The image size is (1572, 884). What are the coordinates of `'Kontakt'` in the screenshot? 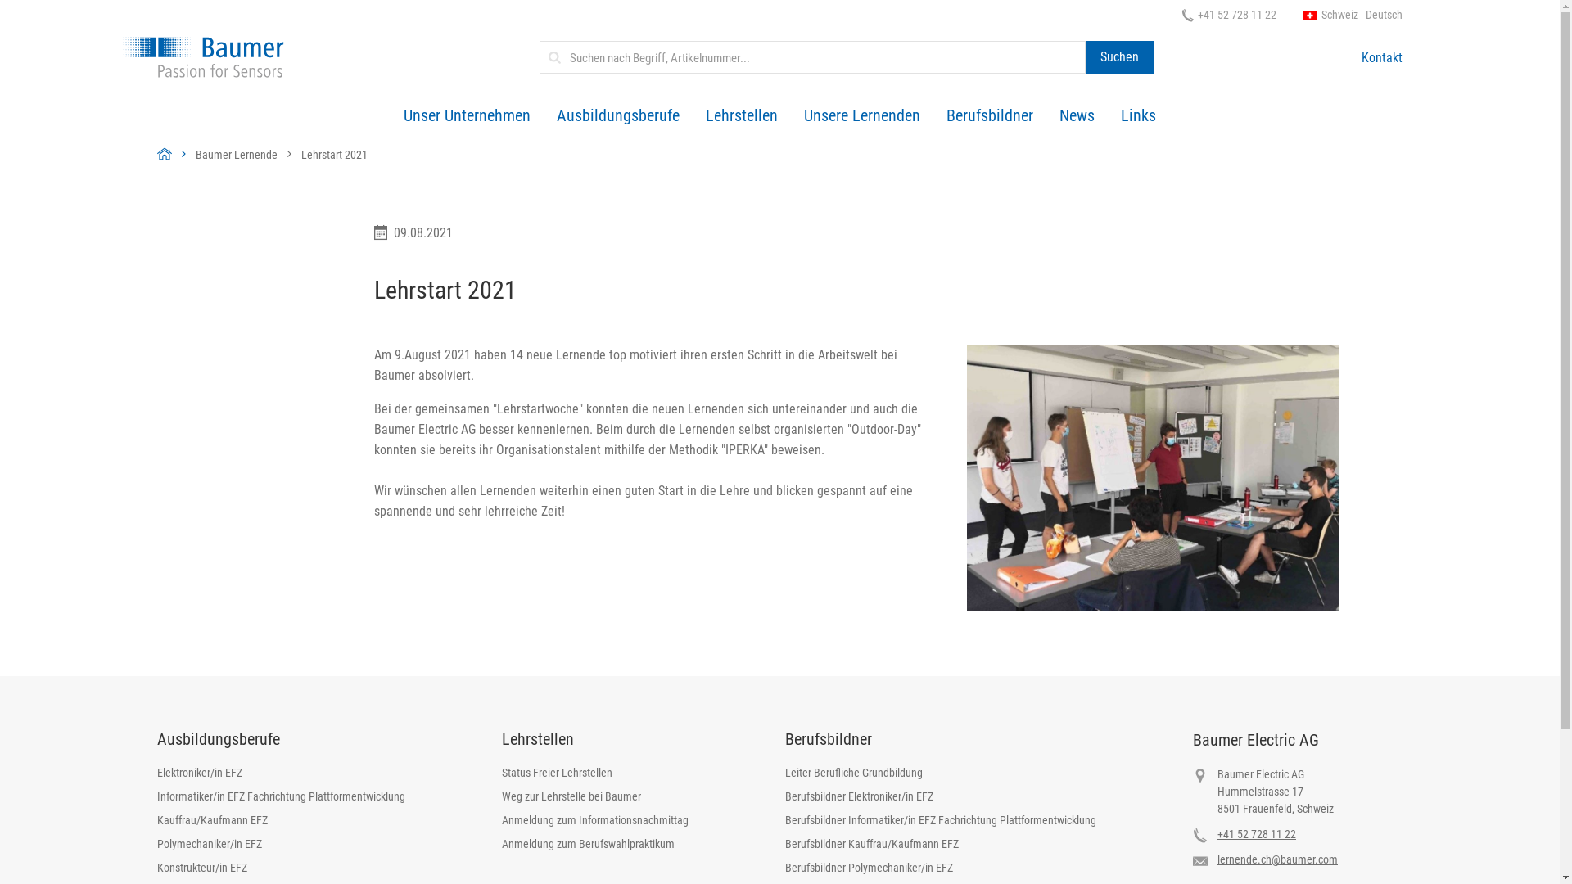 It's located at (1381, 56).